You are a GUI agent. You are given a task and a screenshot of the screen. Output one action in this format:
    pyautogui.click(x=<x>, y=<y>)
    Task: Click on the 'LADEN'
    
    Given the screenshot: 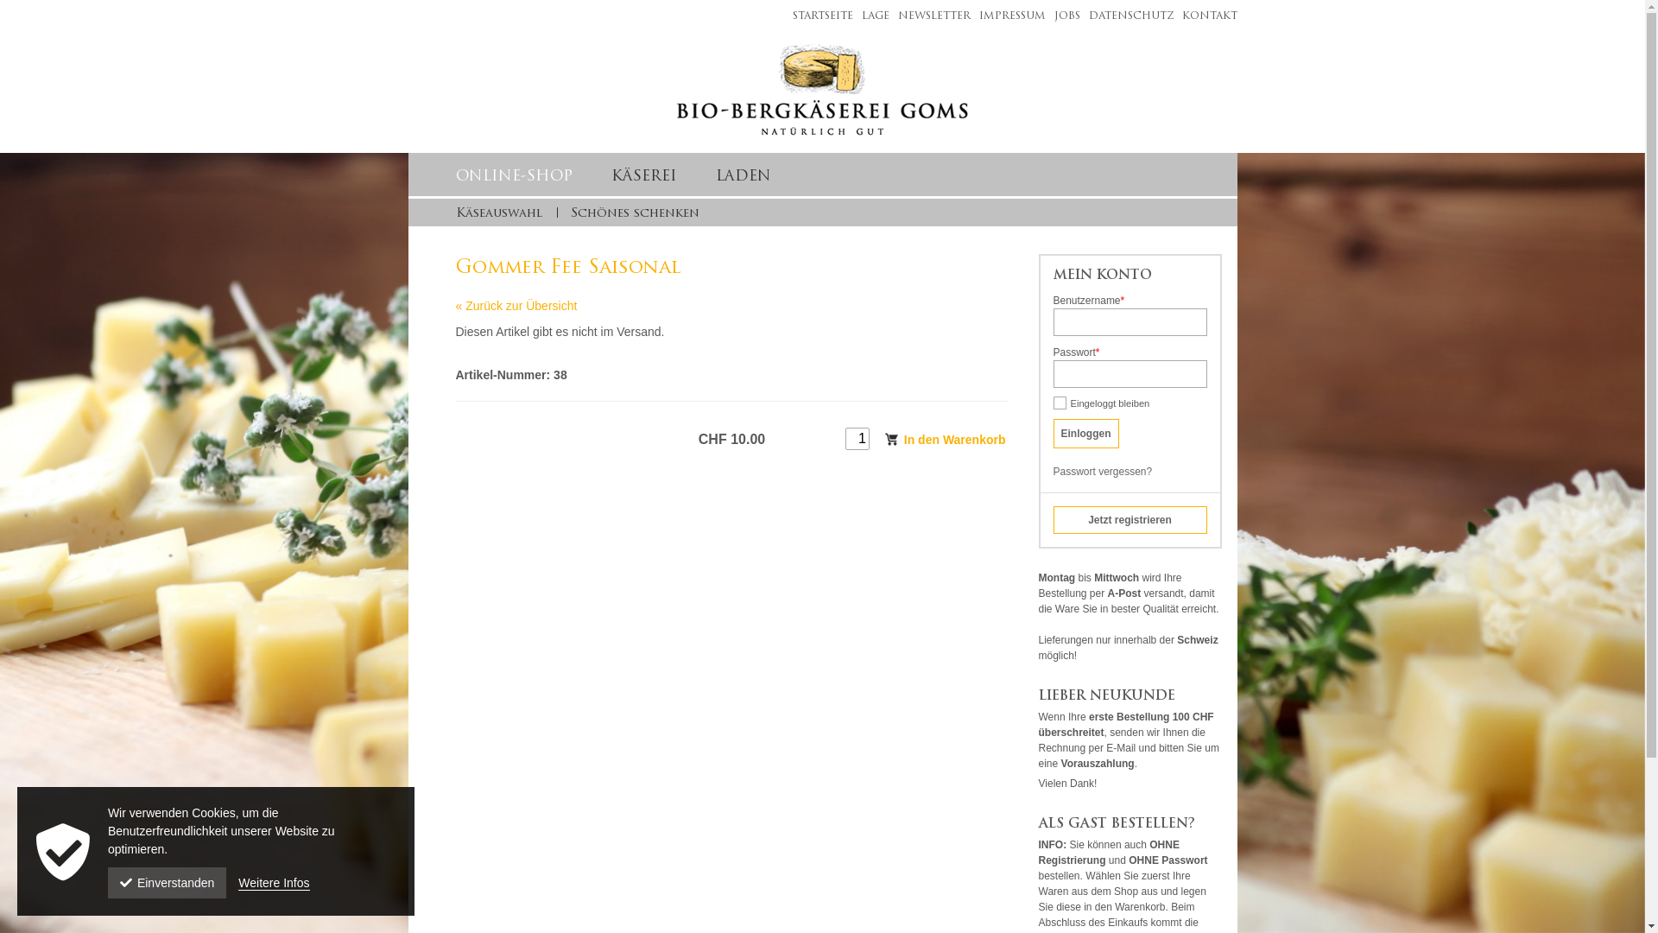 What is the action you would take?
    pyautogui.click(x=715, y=176)
    